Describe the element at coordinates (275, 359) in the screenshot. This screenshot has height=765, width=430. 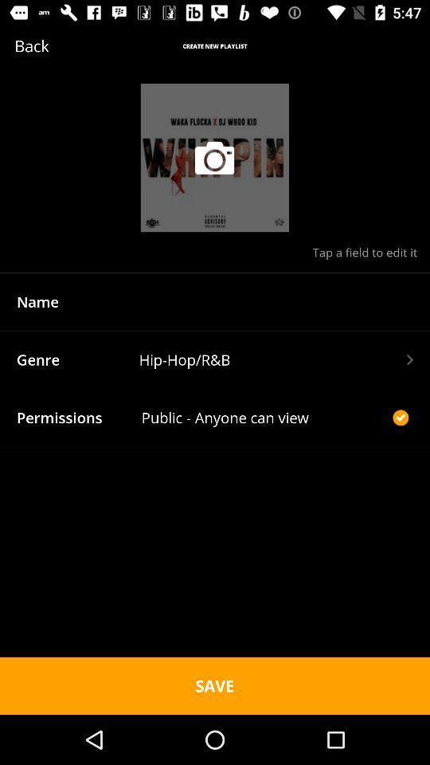
I see `icon next to genre item` at that location.